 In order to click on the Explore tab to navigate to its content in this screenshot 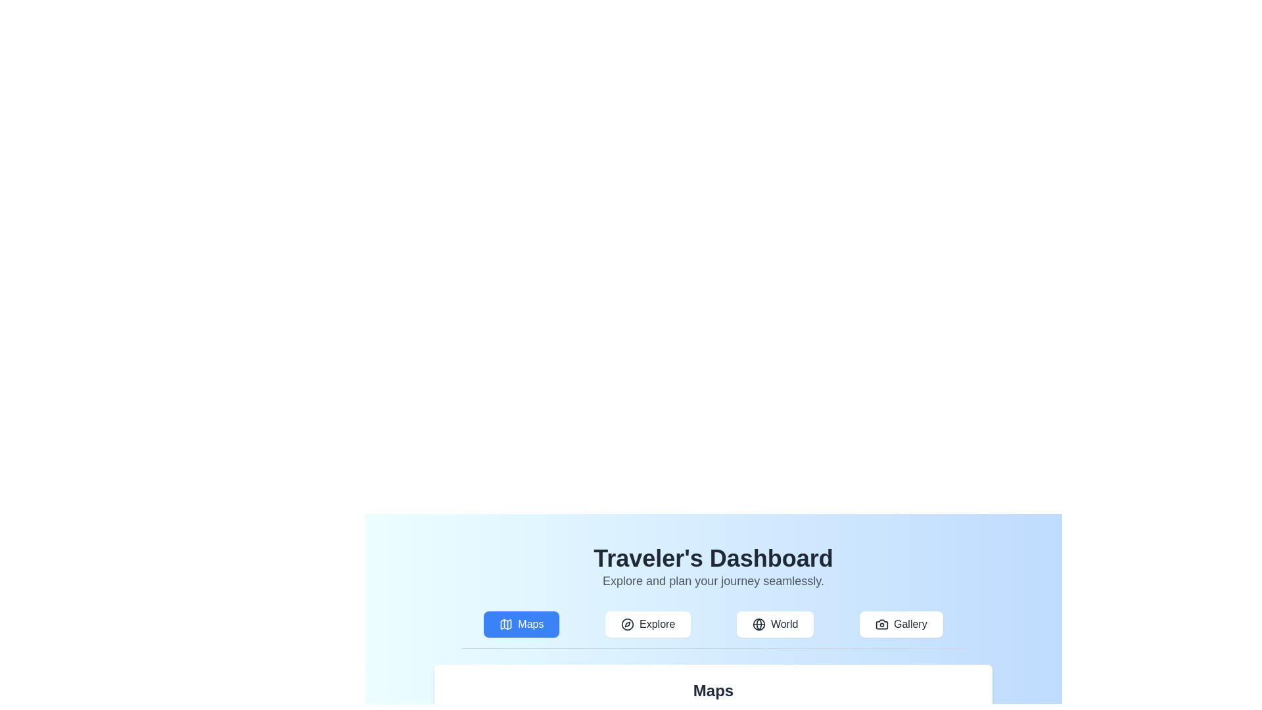, I will do `click(648, 623)`.